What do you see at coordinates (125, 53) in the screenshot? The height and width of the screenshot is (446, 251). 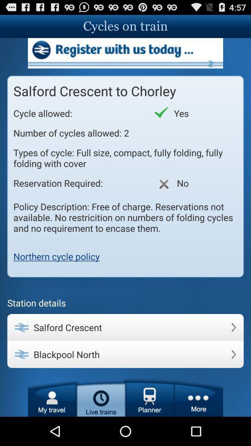 I see `registration form link` at bounding box center [125, 53].